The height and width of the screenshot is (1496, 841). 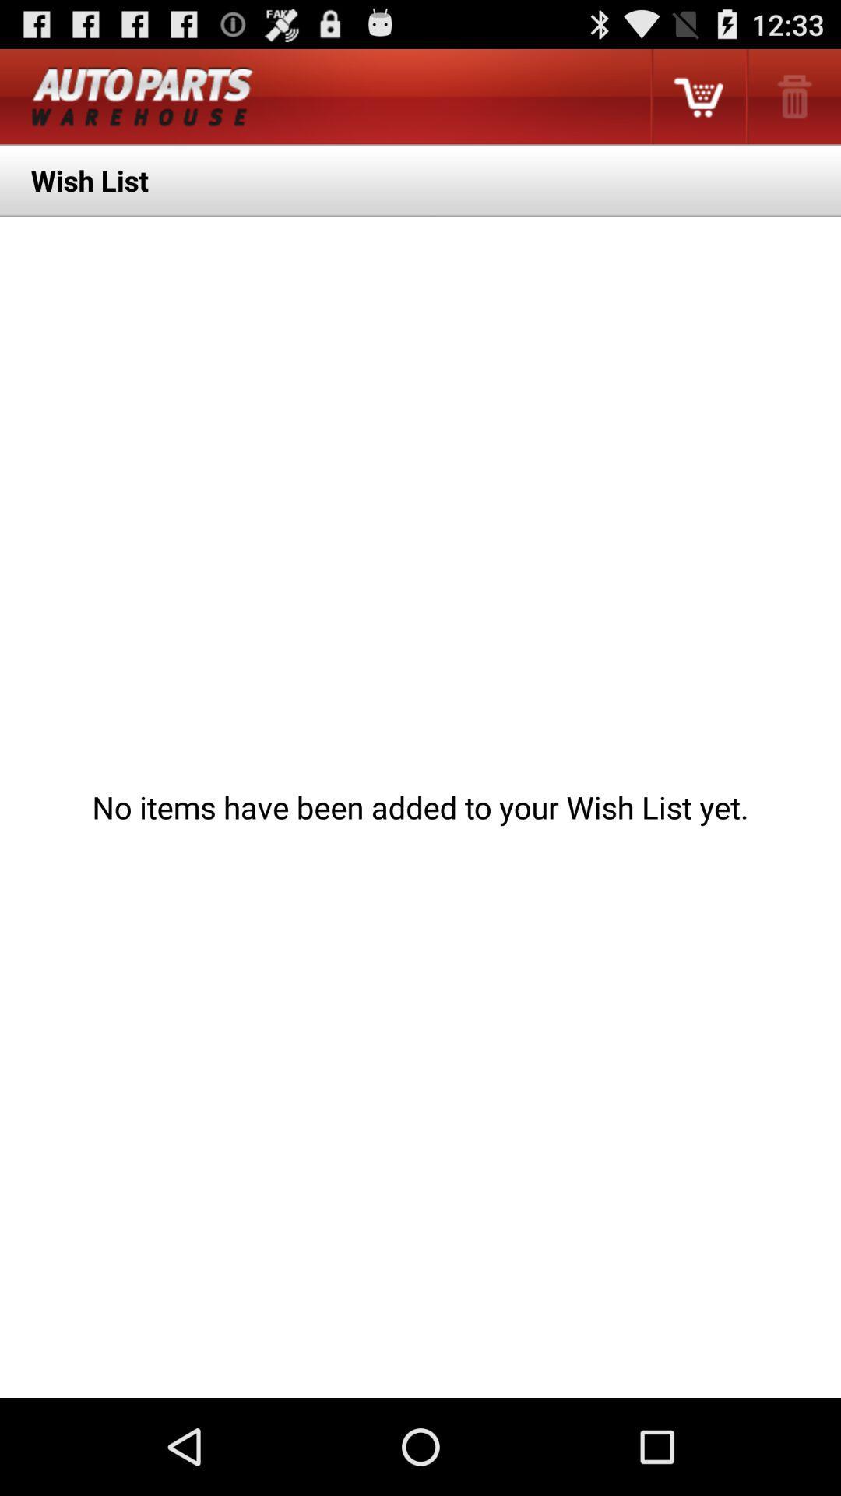 I want to click on app above wish list item, so click(x=143, y=96).